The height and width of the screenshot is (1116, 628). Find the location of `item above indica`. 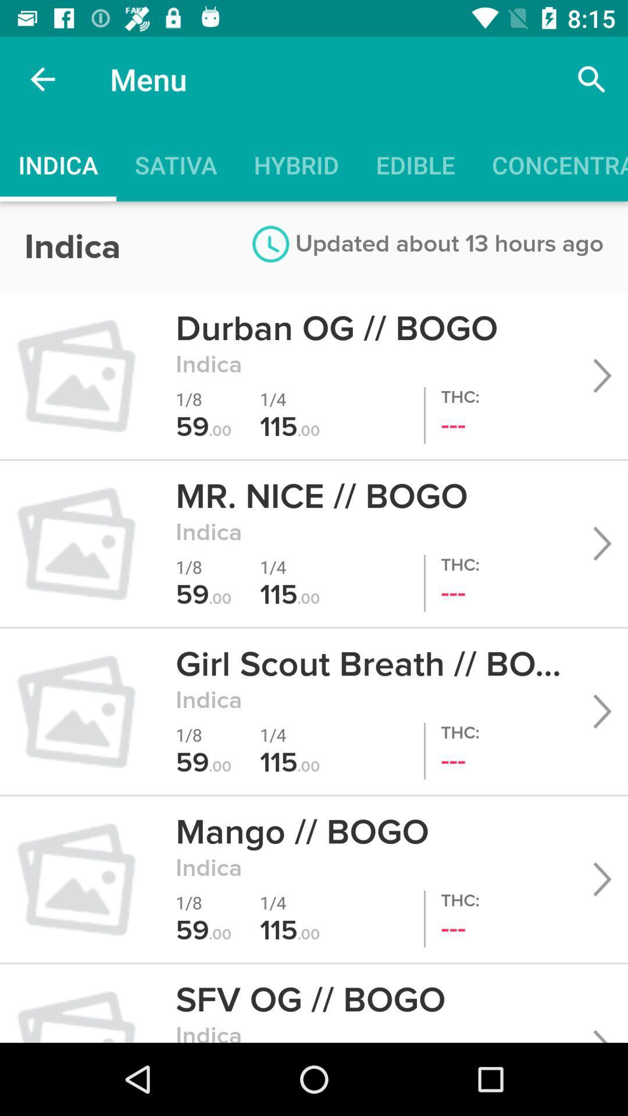

item above indica is located at coordinates (42, 78).